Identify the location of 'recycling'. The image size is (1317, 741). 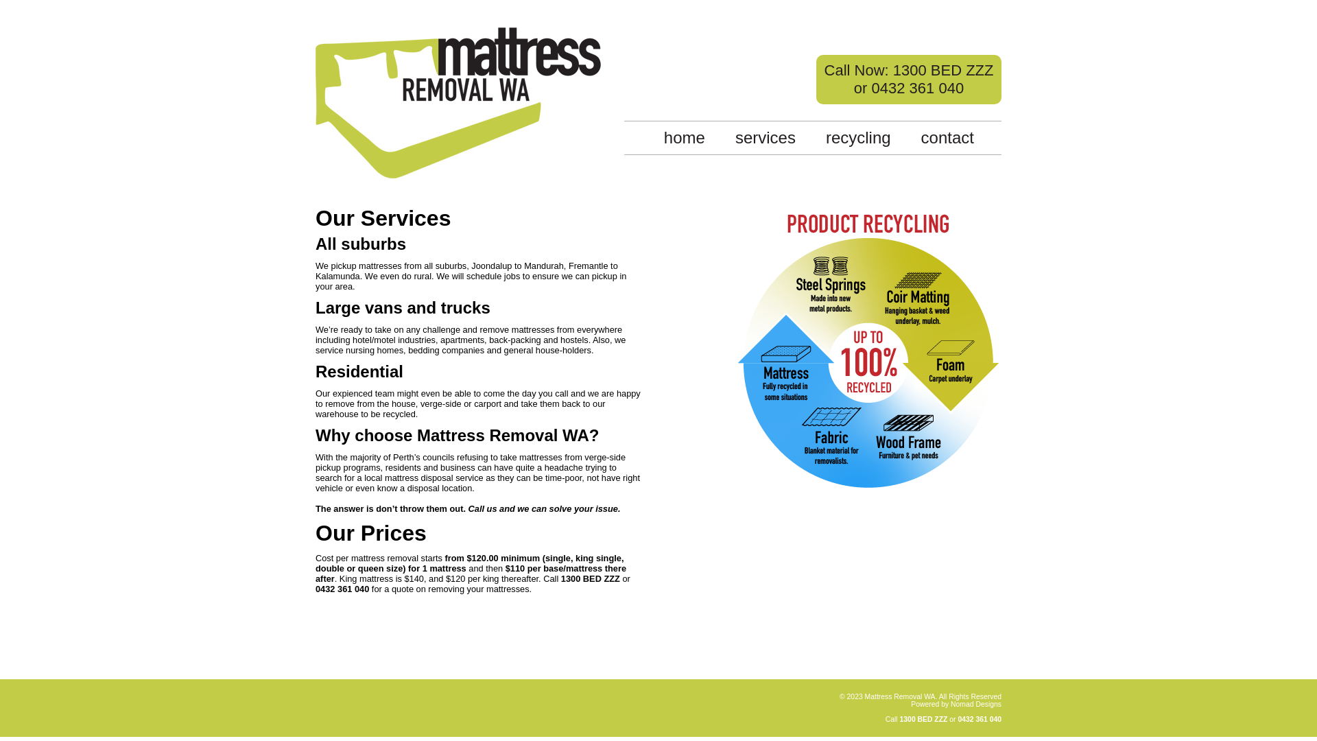
(857, 137).